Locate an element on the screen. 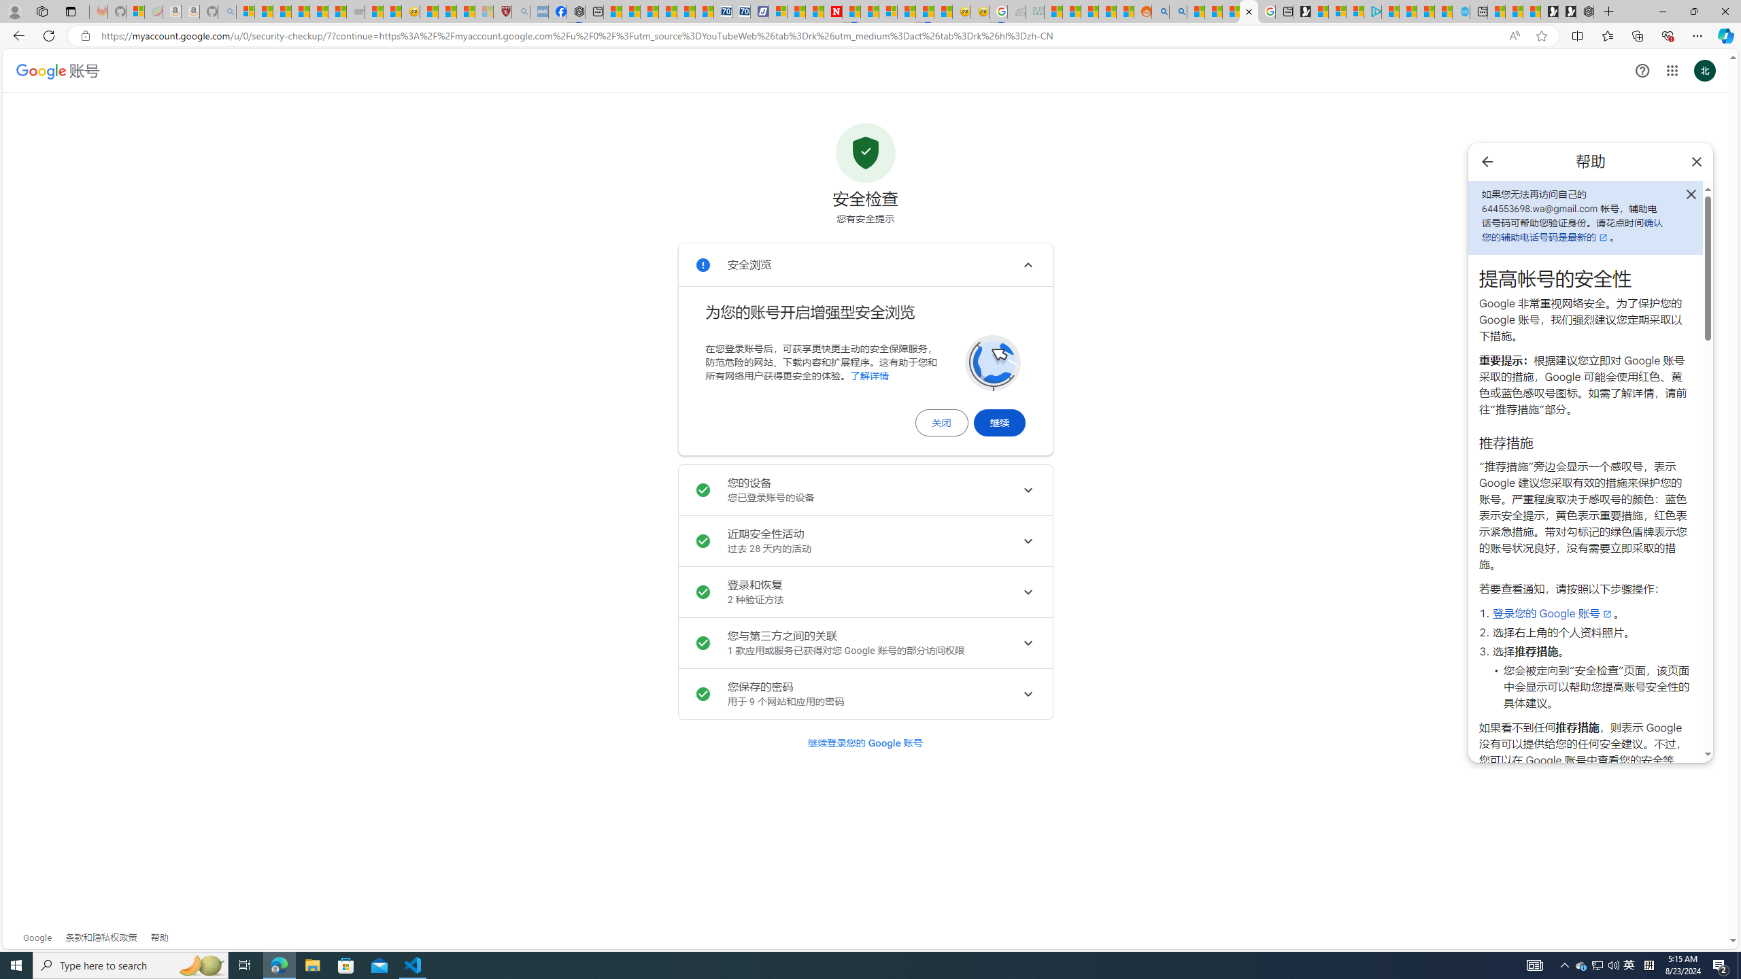 This screenshot has height=979, width=1741. 'Utah sues federal government - Search' is located at coordinates (1177, 11).